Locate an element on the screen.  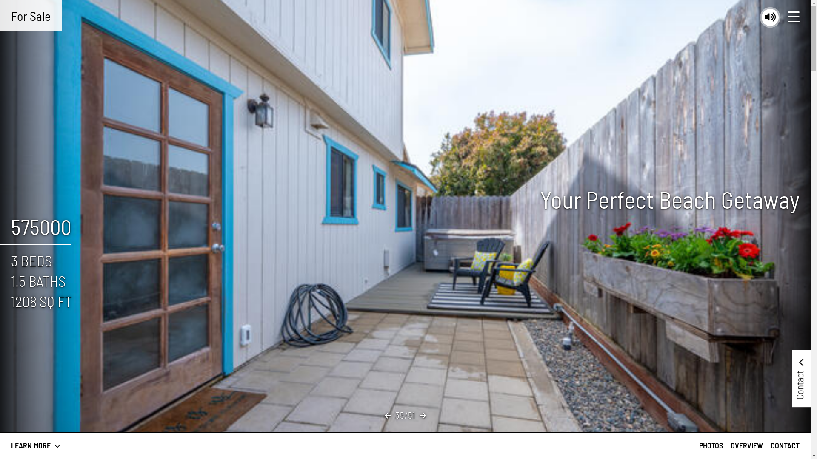
'CONTACT' is located at coordinates (784, 445).